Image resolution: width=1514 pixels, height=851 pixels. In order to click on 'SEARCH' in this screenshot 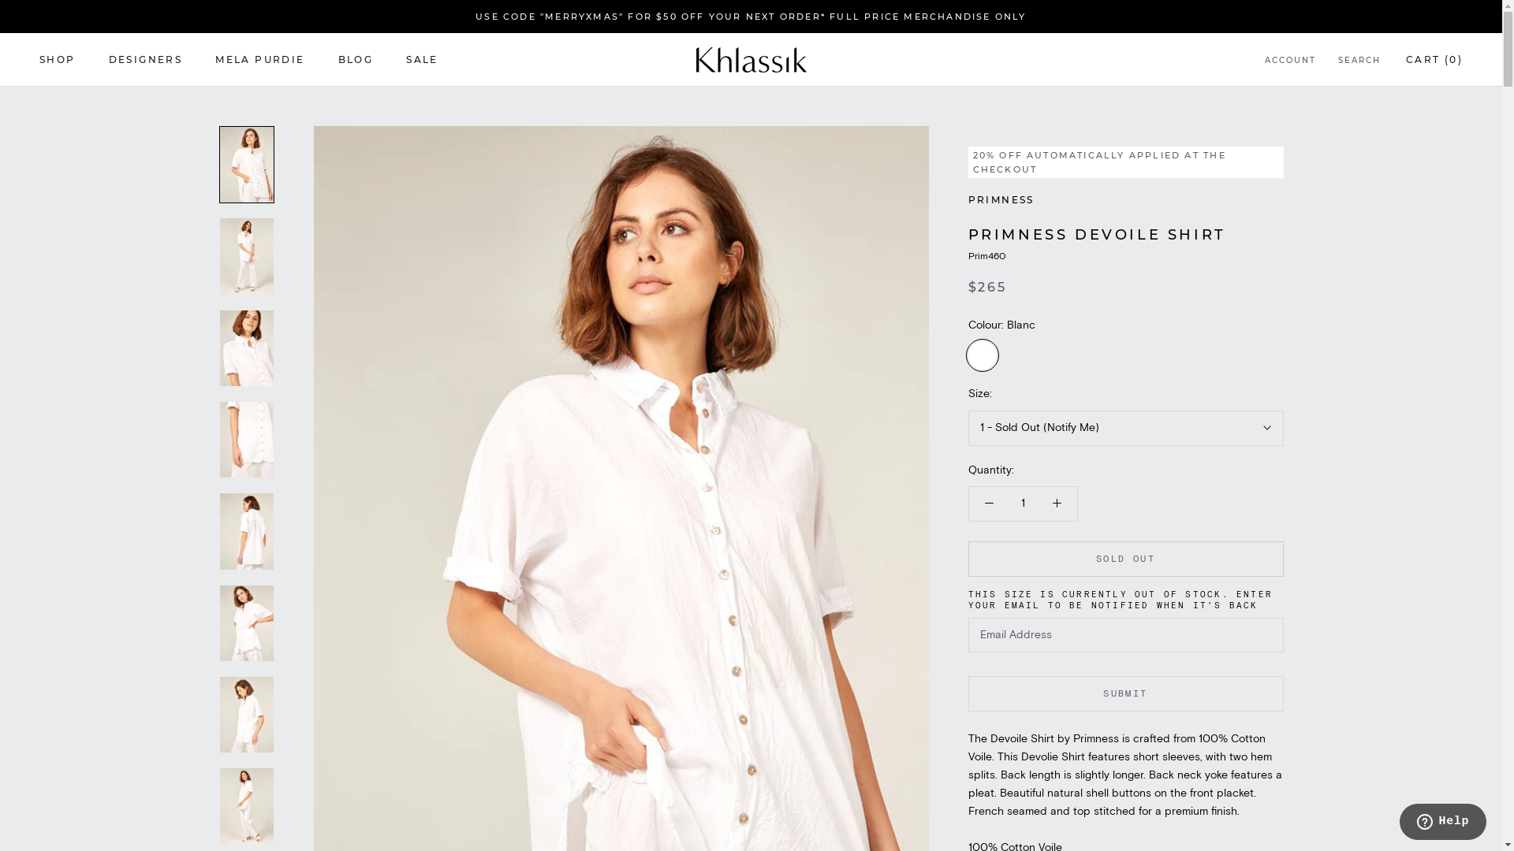, I will do `click(1358, 60)`.